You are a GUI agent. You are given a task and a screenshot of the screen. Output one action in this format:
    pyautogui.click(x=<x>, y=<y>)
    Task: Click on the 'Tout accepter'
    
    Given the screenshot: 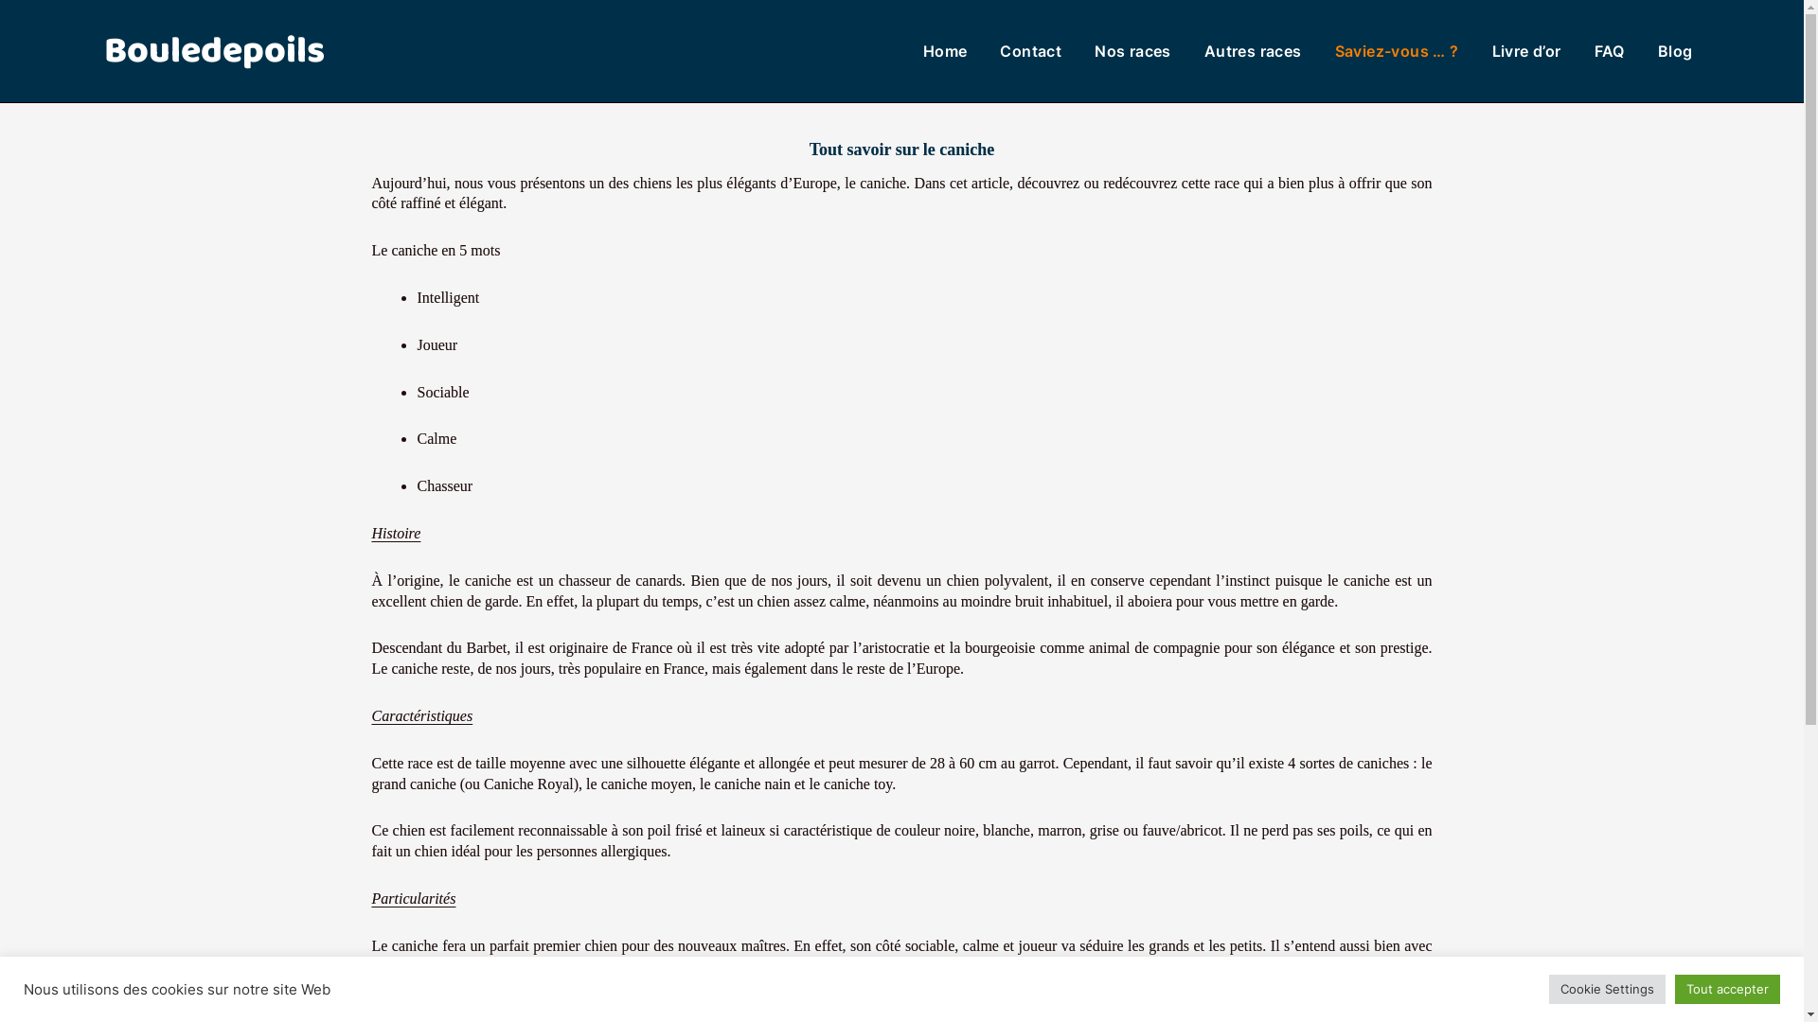 What is the action you would take?
    pyautogui.click(x=1727, y=988)
    